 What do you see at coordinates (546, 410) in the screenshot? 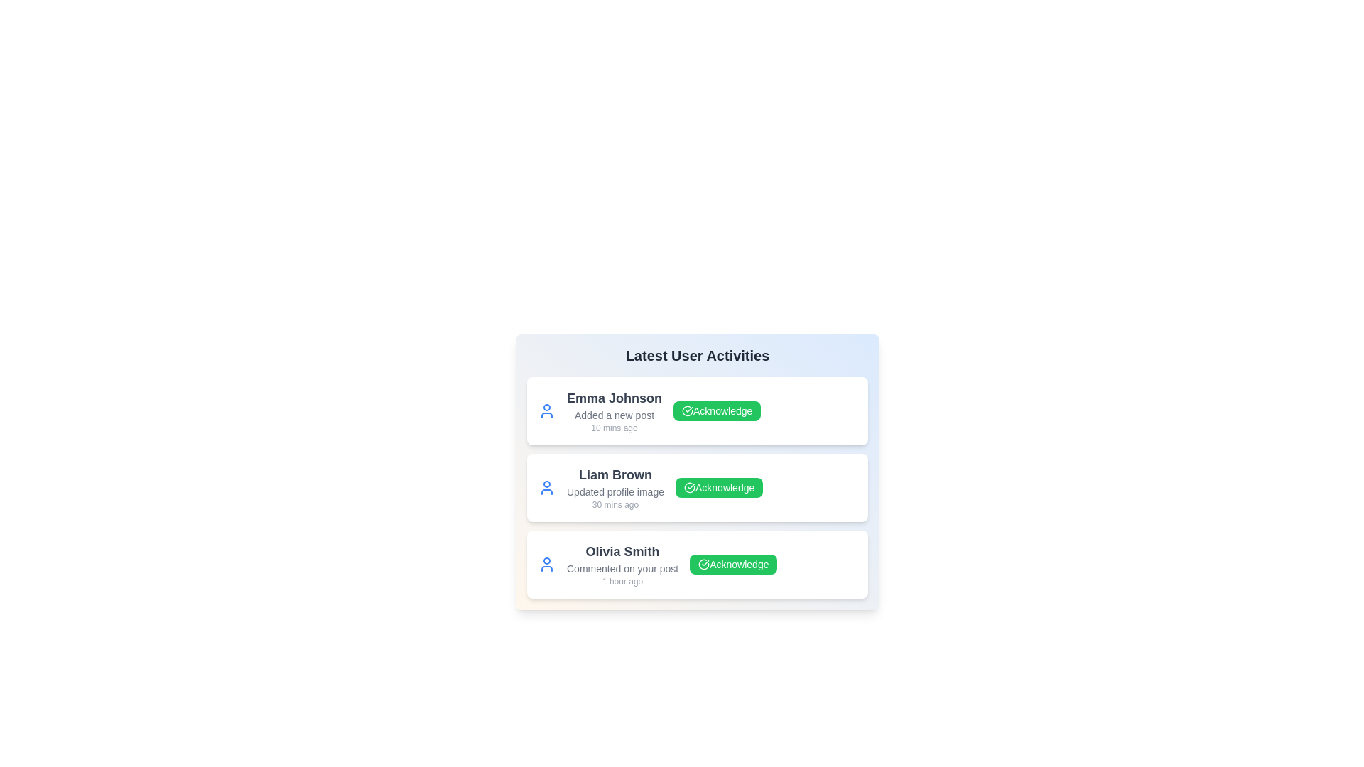
I see `the profile icon of Emma Johnson` at bounding box center [546, 410].